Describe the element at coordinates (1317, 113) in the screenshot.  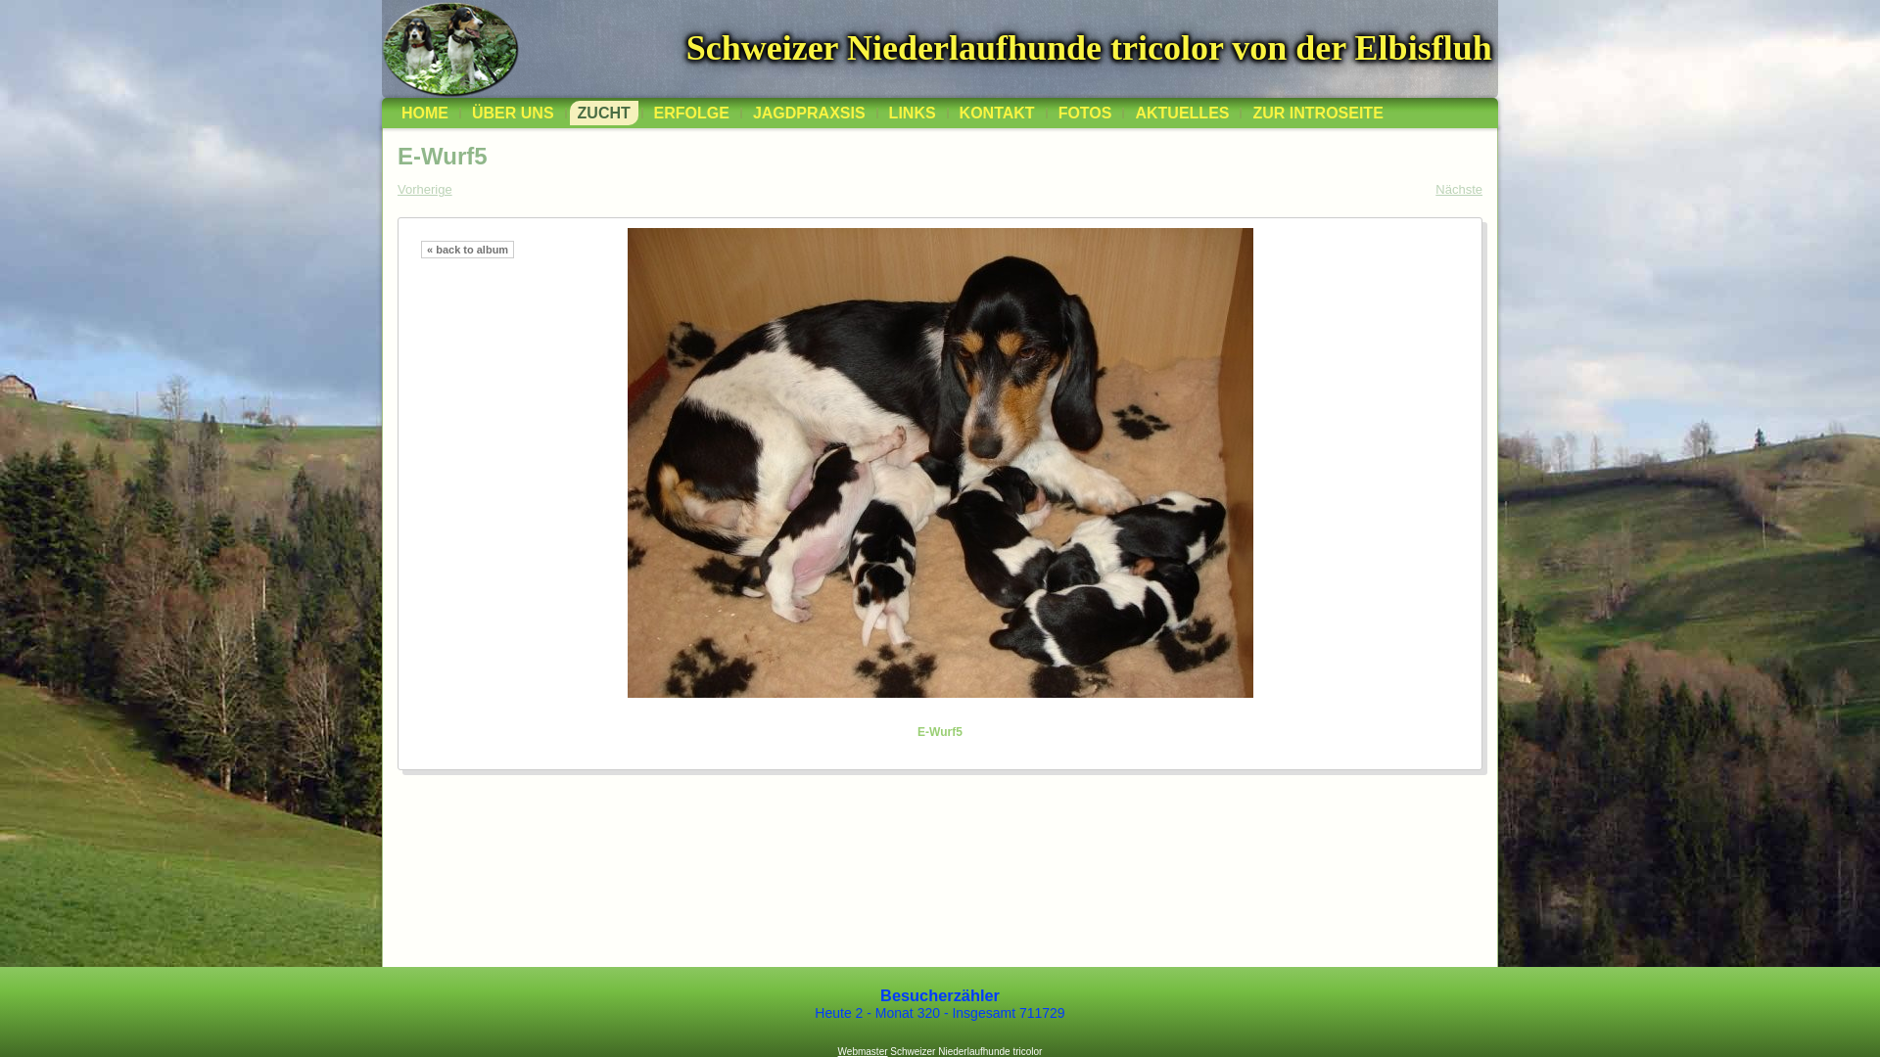
I see `'ZUR INTROSEITE'` at that location.